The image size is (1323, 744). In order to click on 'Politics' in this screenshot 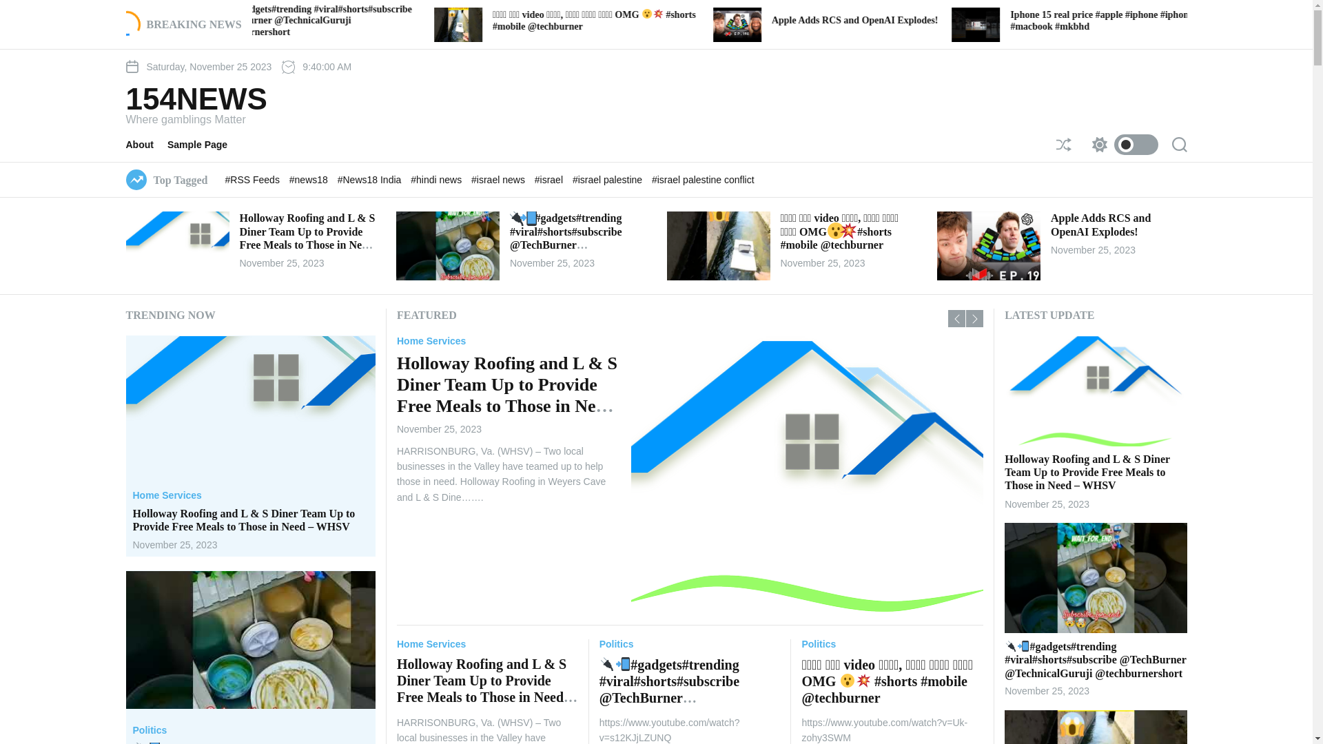, I will do `click(149, 730)`.